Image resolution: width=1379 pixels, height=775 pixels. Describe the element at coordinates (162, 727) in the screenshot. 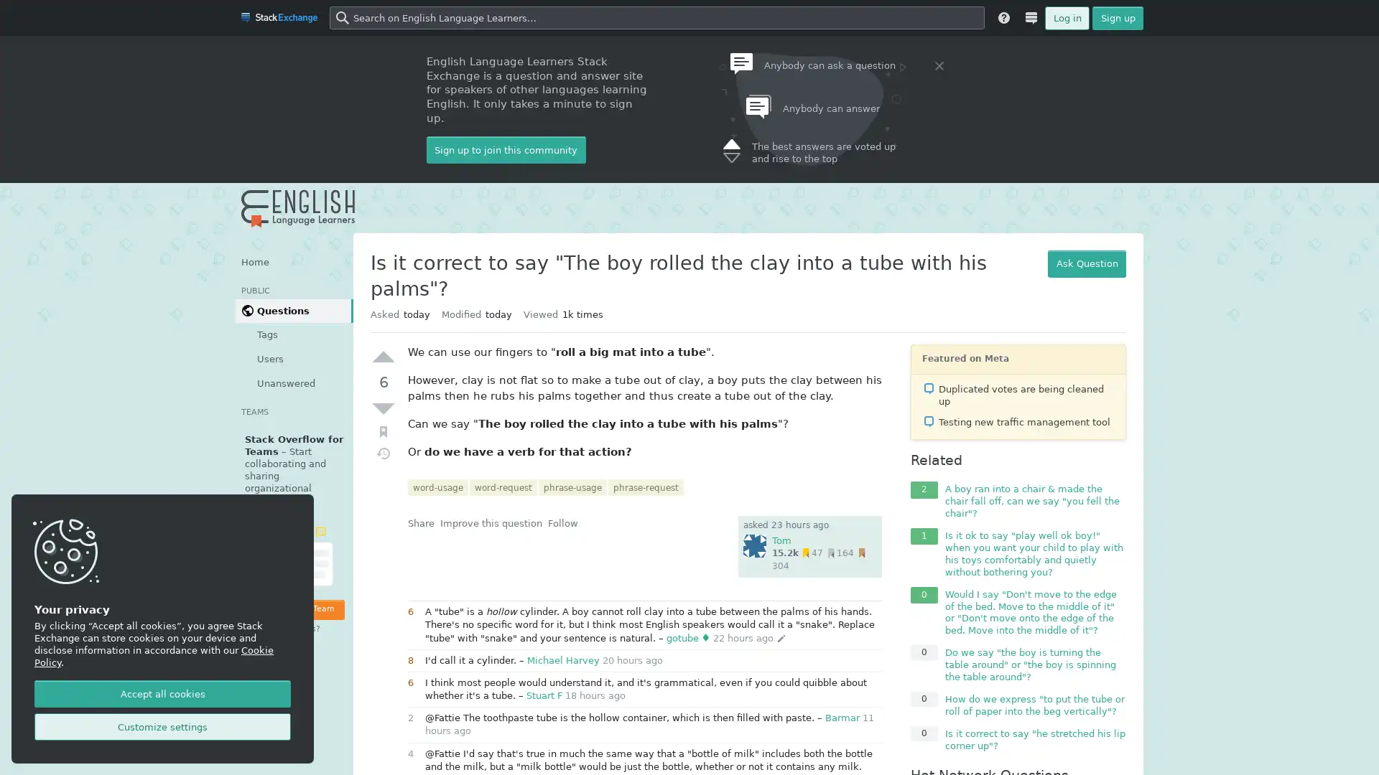

I see `Customize settings` at that location.